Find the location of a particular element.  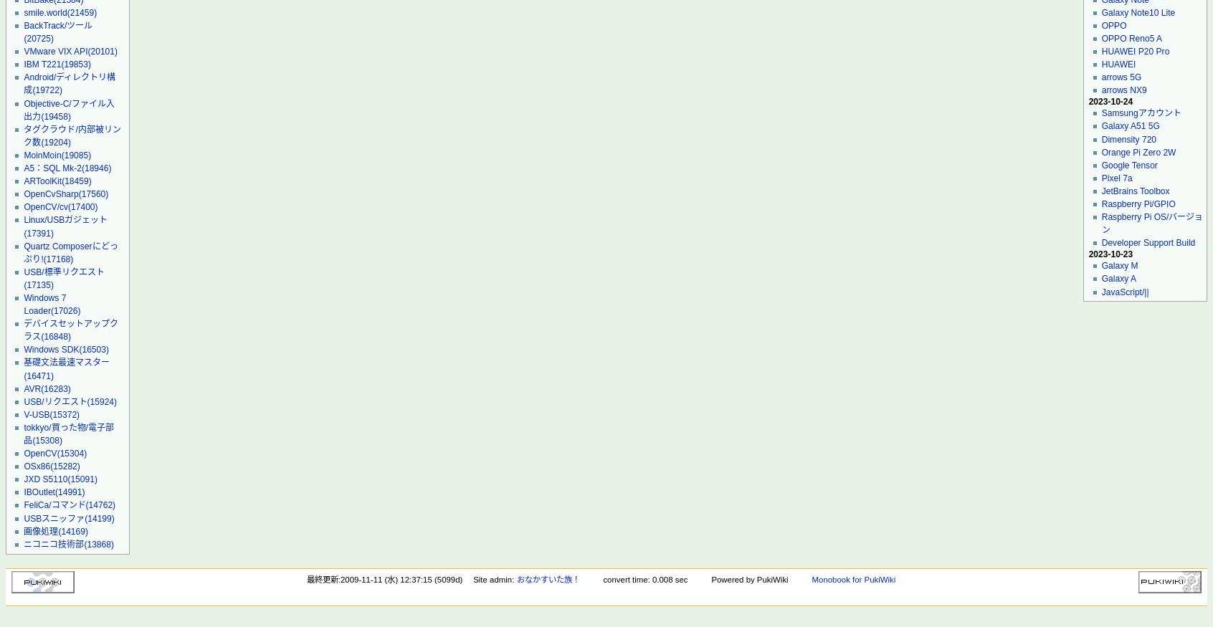

'Orange Pi Zero 2W' is located at coordinates (1100, 152).